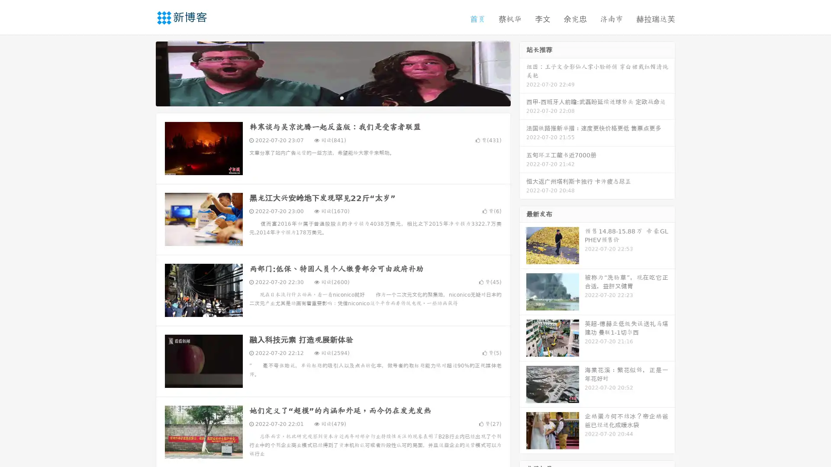  I want to click on Next slide, so click(523, 73).